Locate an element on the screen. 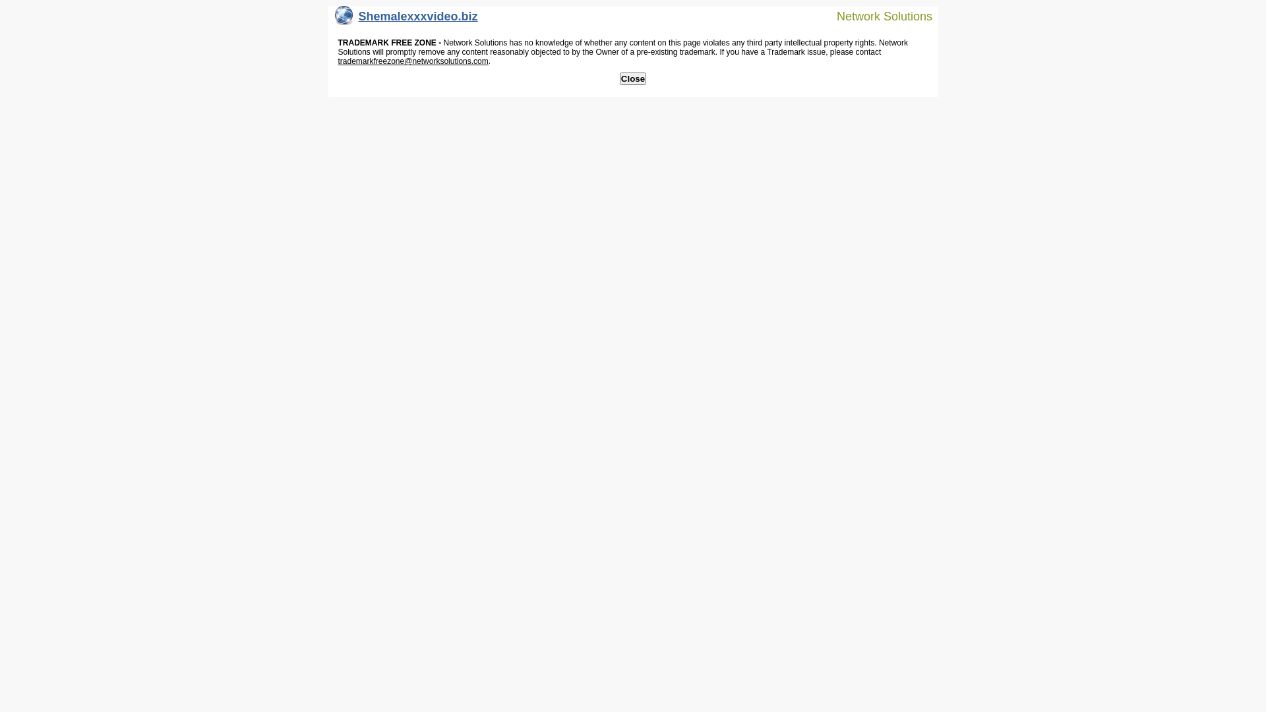 The width and height of the screenshot is (1266, 712). 'trademarkfreezone@networksolutions.com' is located at coordinates (338, 61).